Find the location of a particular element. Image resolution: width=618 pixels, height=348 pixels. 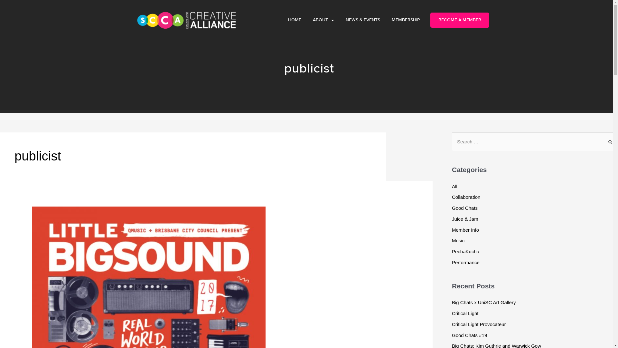

'Critical Light' is located at coordinates (451, 313).